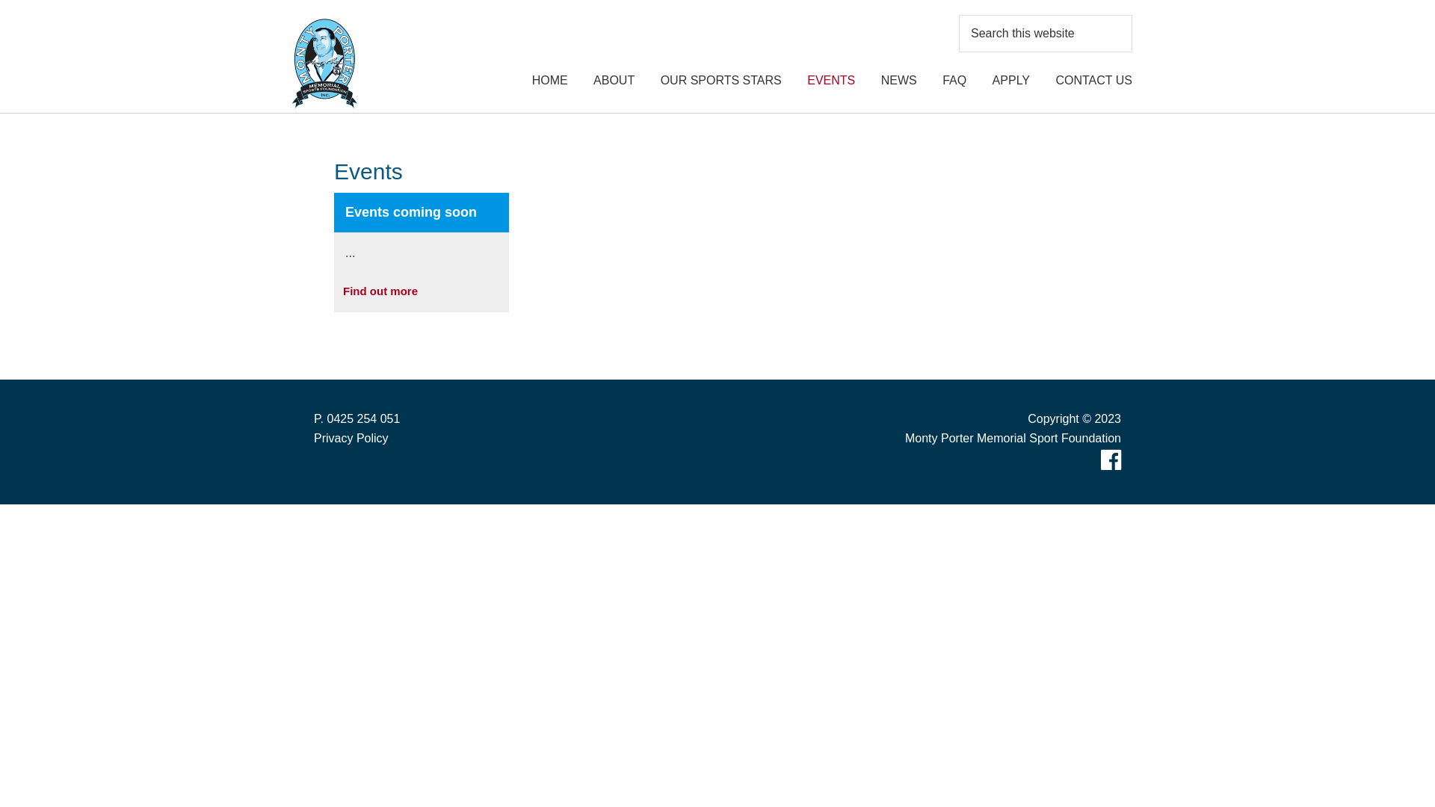  What do you see at coordinates (953, 81) in the screenshot?
I see `'FAQ'` at bounding box center [953, 81].